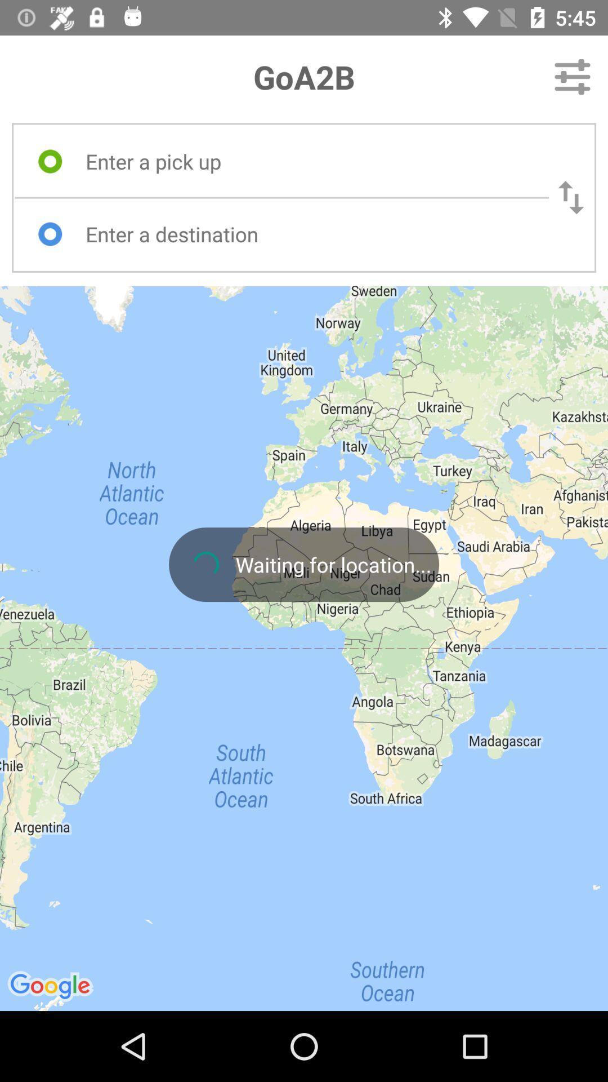  What do you see at coordinates (307, 233) in the screenshot?
I see `text` at bounding box center [307, 233].